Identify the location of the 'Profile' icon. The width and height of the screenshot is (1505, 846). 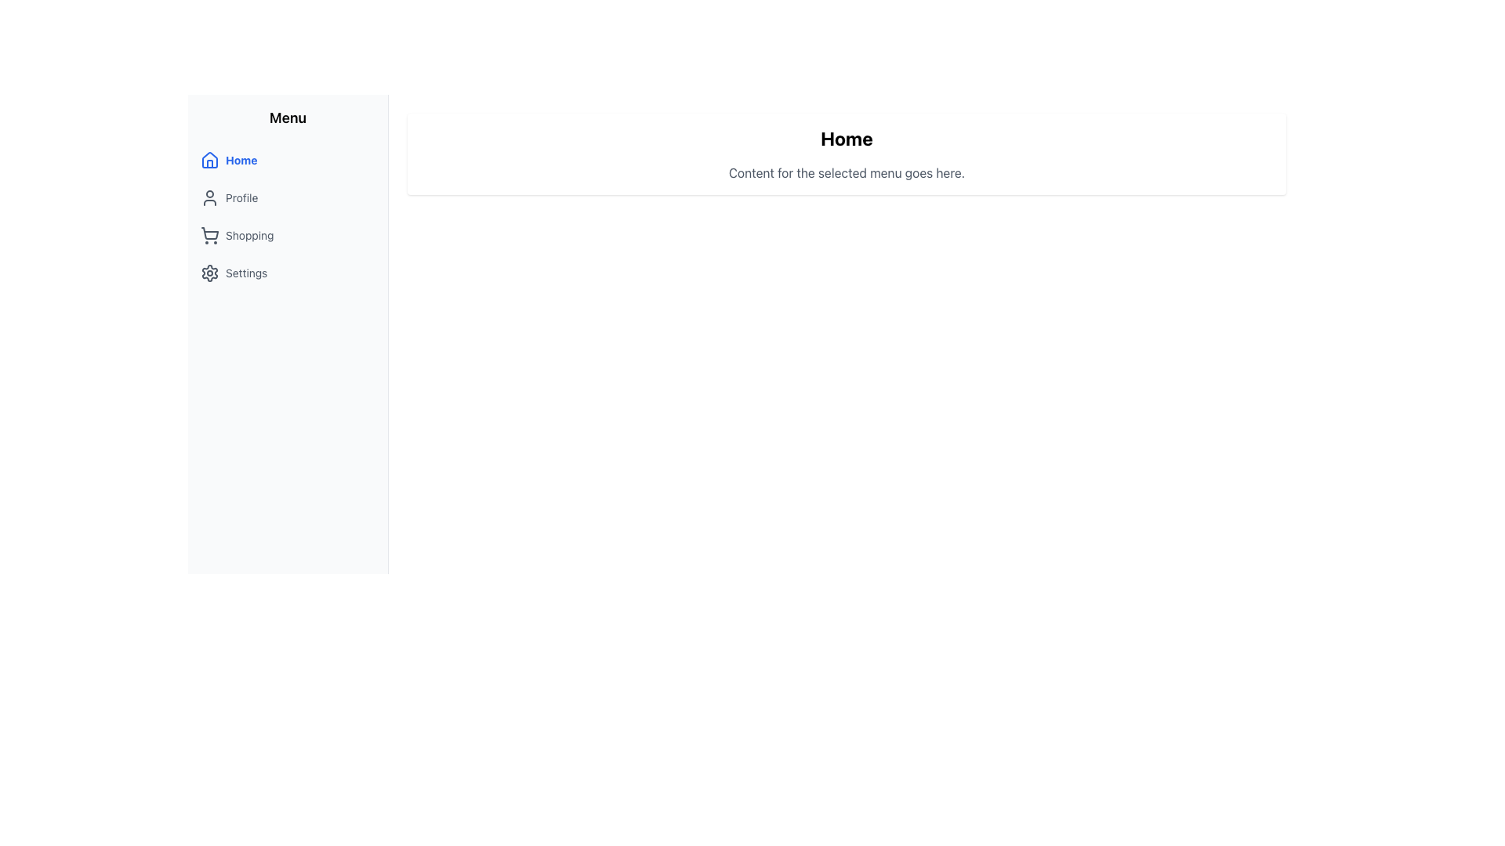
(209, 197).